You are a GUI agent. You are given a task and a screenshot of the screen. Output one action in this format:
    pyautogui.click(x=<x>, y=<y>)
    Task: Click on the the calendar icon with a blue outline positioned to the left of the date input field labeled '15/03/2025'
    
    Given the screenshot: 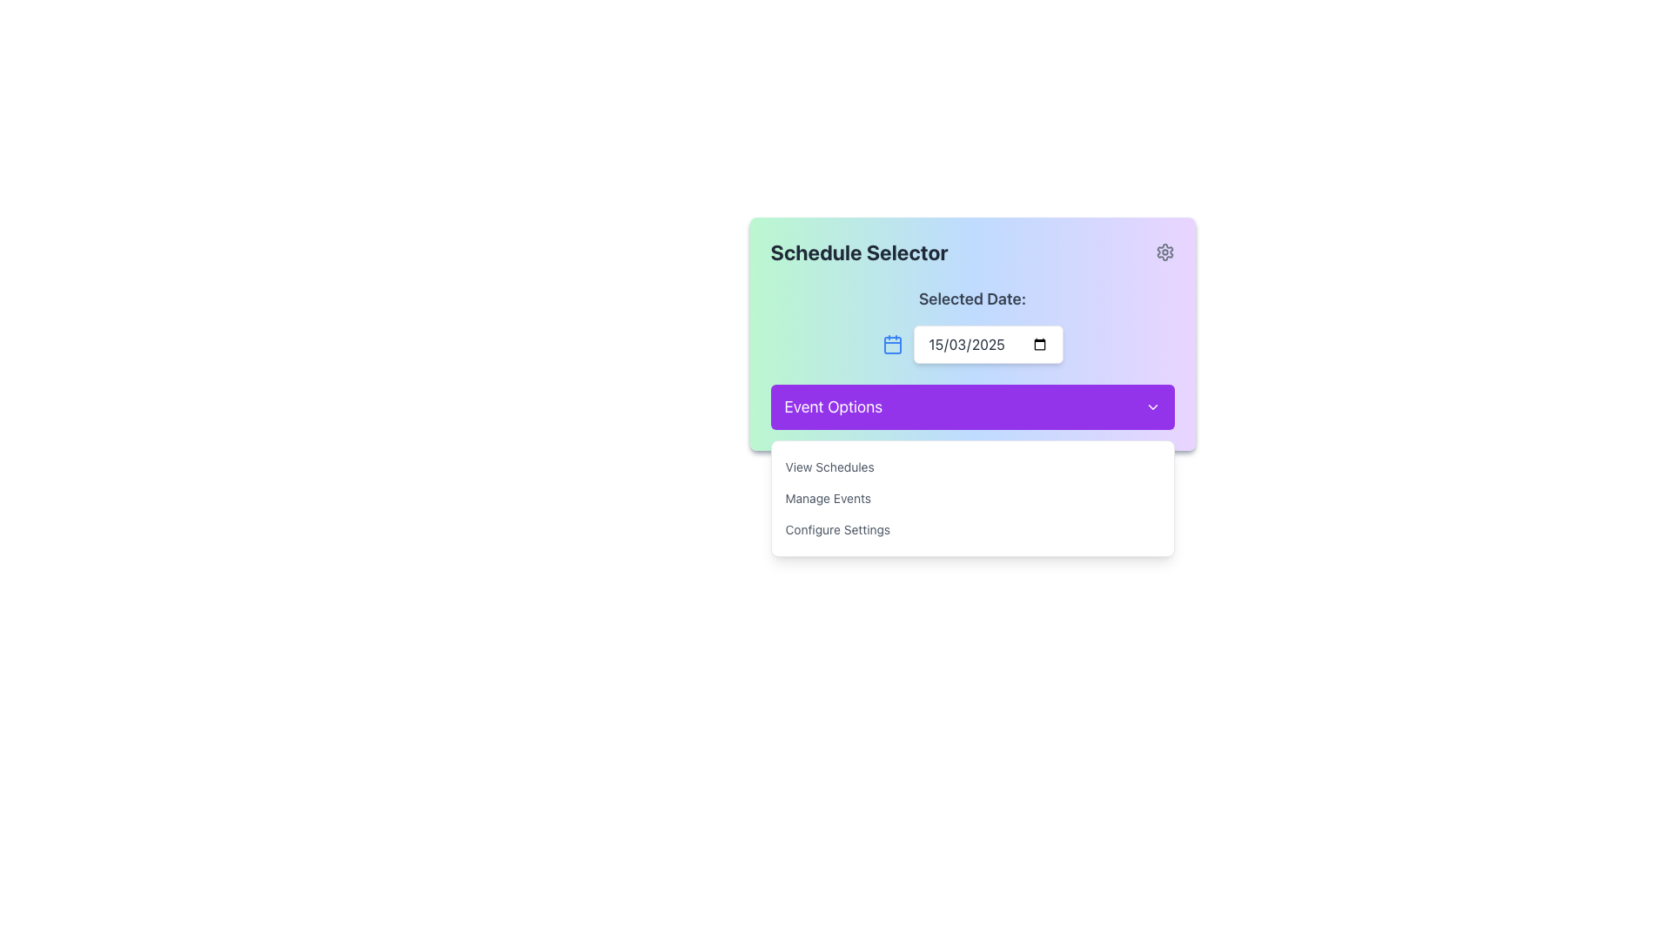 What is the action you would take?
    pyautogui.click(x=892, y=345)
    